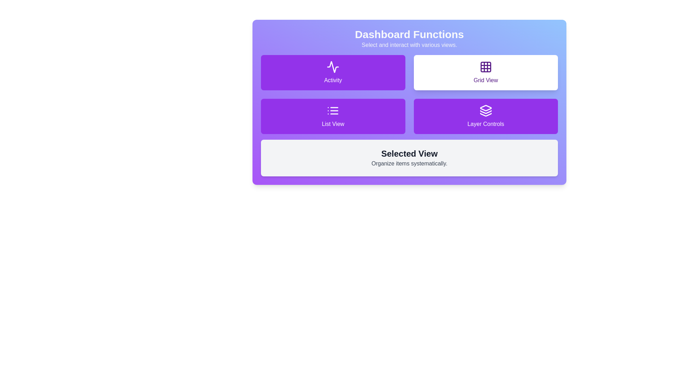  I want to click on the layer controls button located in the bottom-right corner of the grid, so click(485, 116).